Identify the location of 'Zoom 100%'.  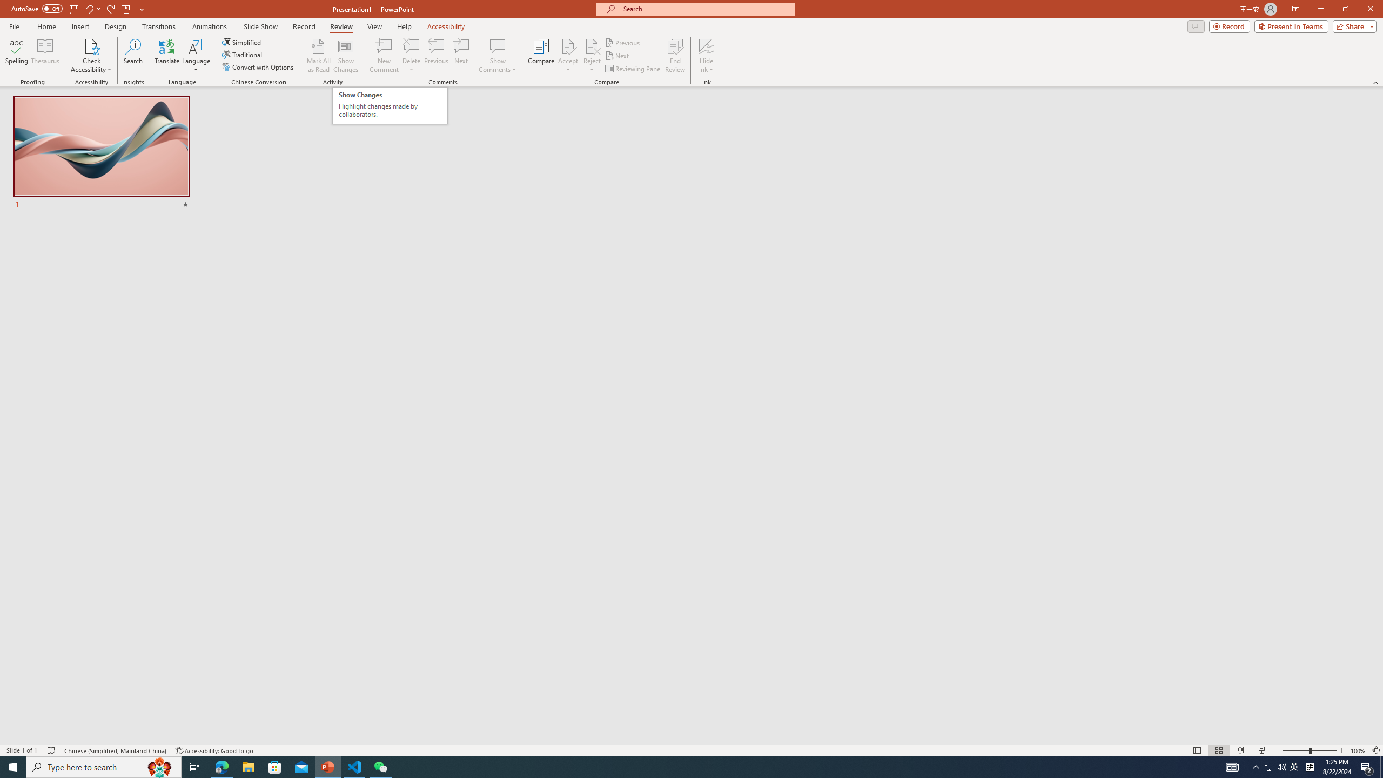
(1359, 750).